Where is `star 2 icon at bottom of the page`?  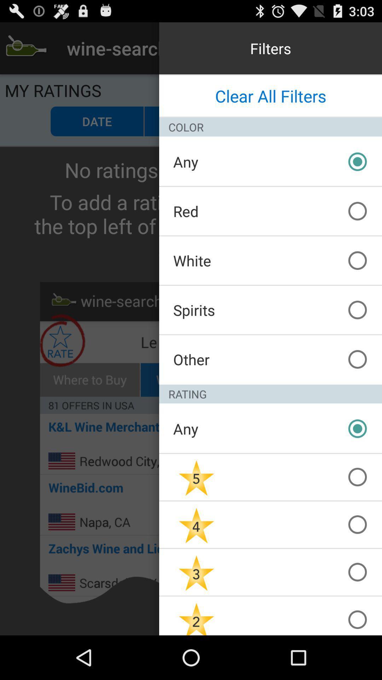
star 2 icon at bottom of the page is located at coordinates (196, 616).